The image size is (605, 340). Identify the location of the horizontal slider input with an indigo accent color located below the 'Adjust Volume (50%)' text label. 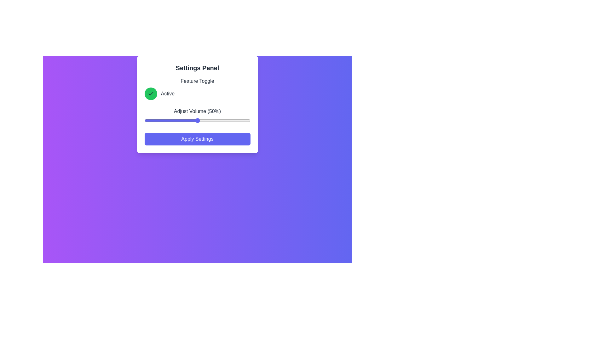
(197, 120).